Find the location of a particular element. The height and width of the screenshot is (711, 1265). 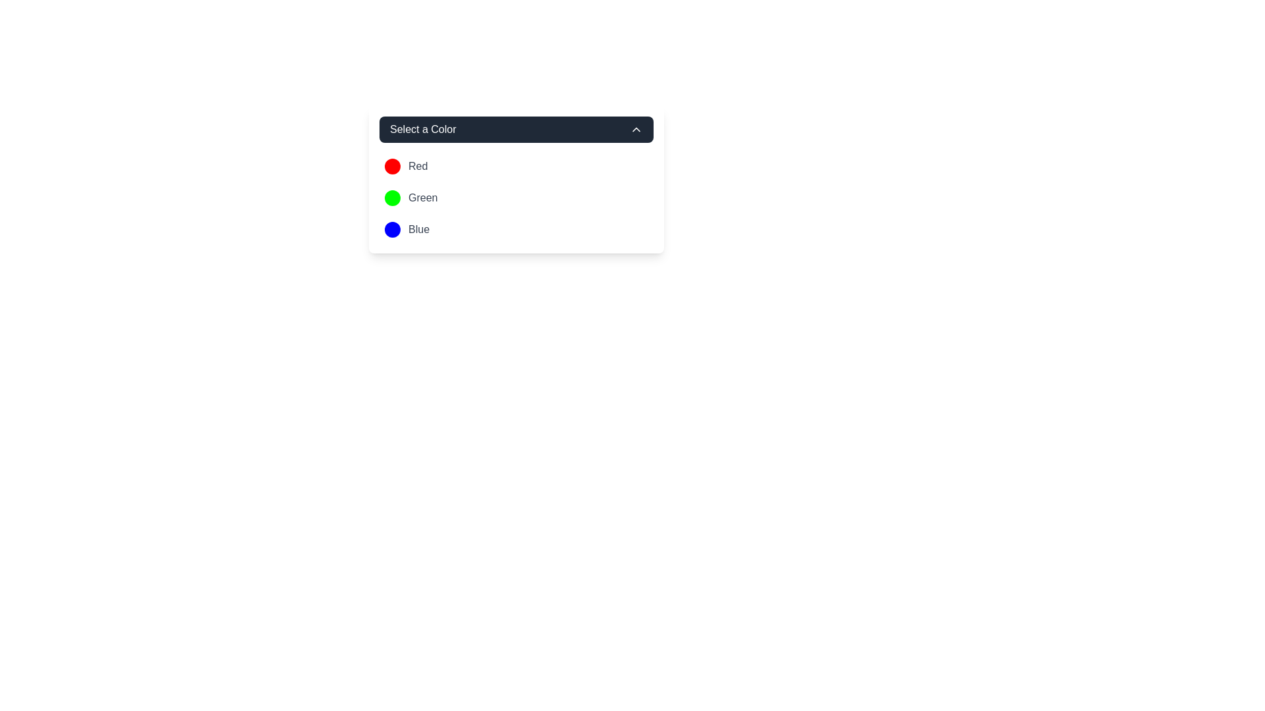

the 'Green' text label in the color selection dropdown menu, which is displayed in a medium-sized gray font, located to the right of a green circular icon is located at coordinates (423, 197).